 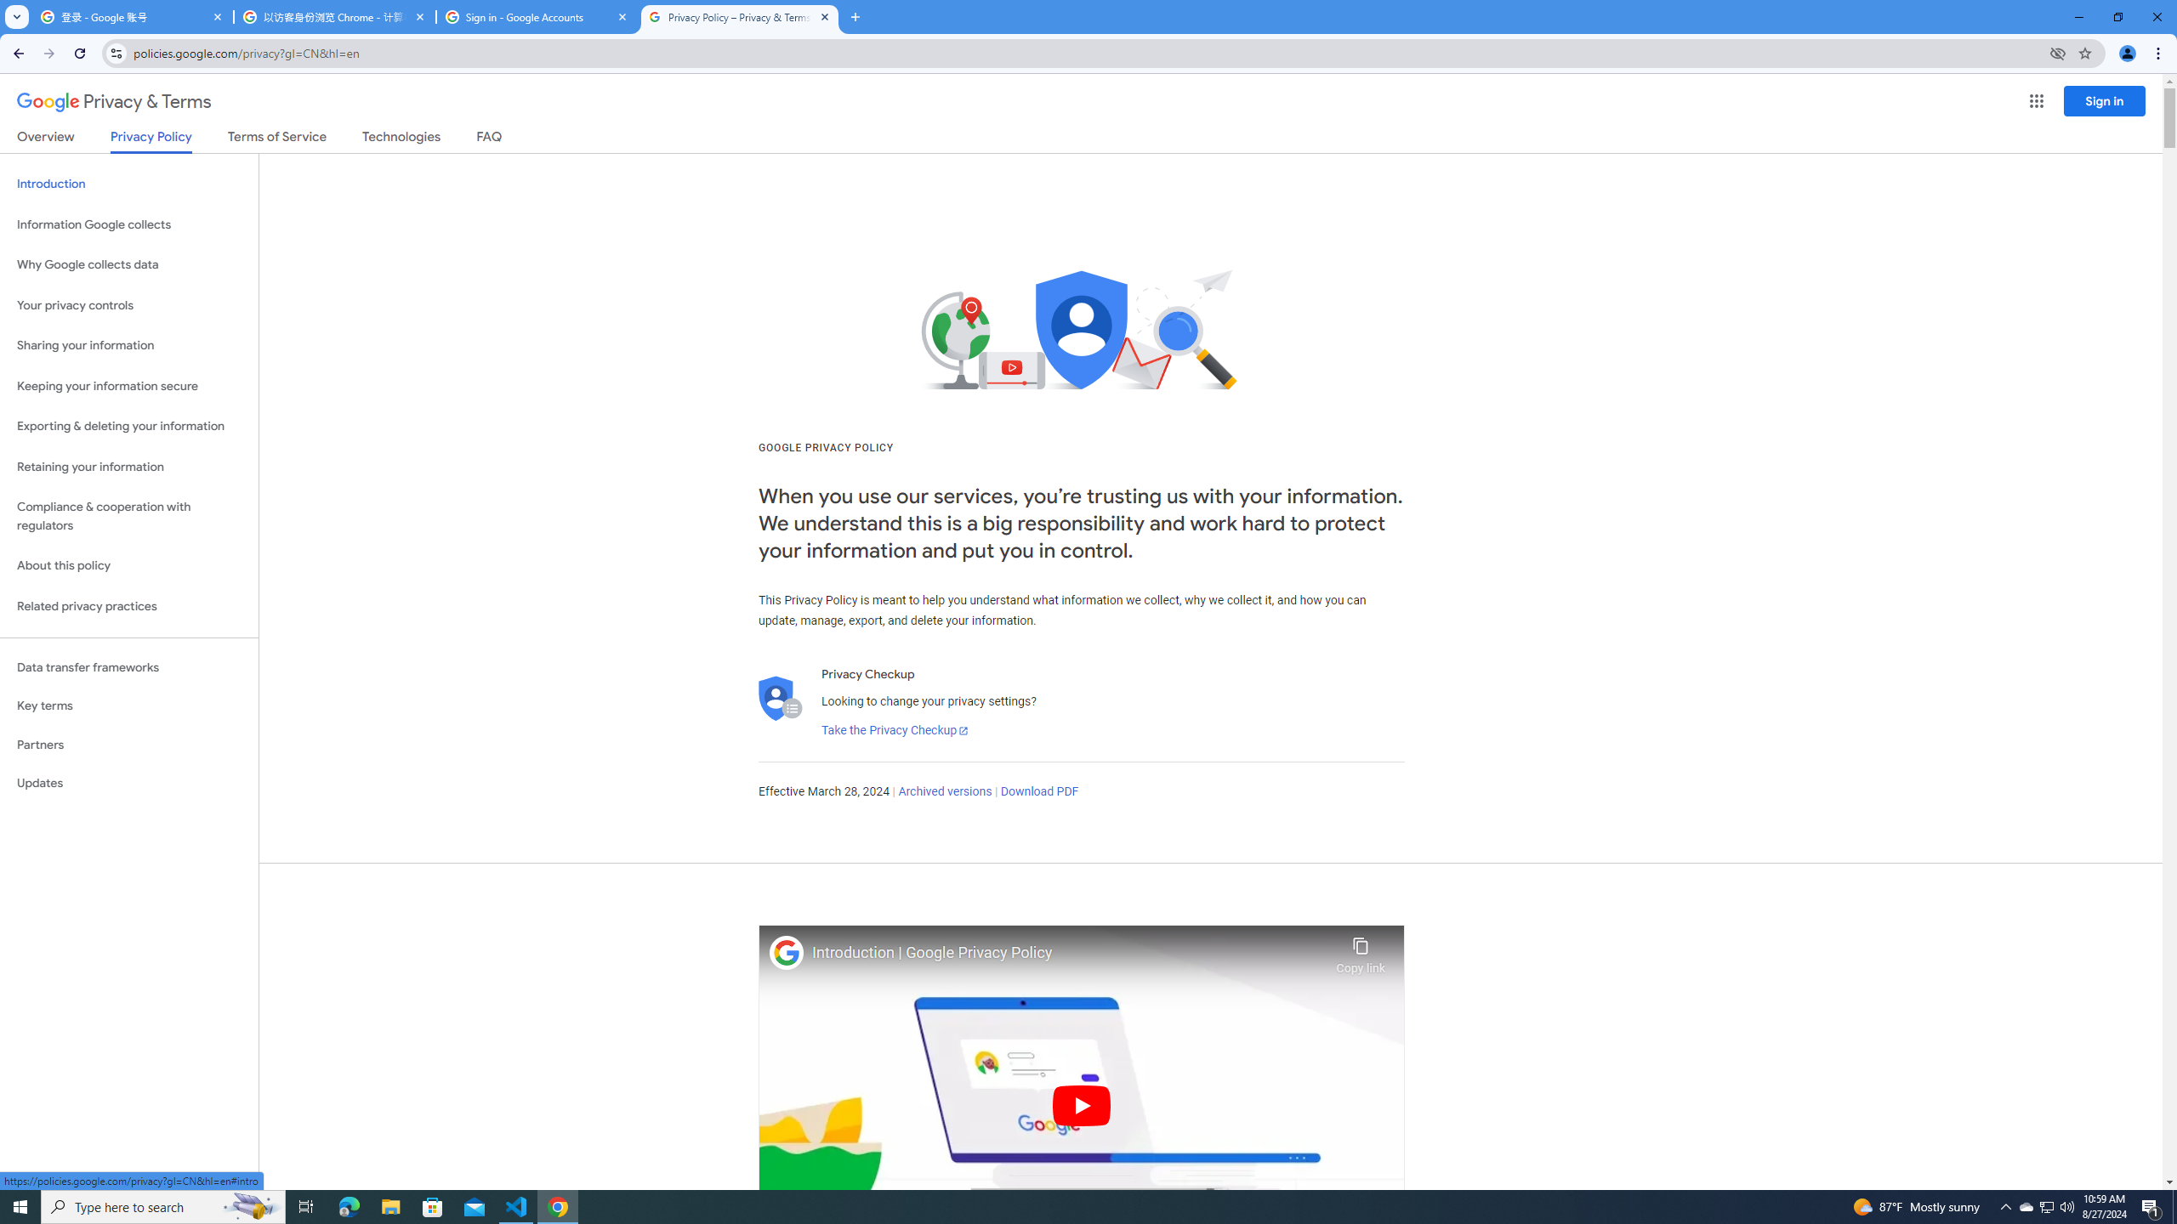 I want to click on 'FAQ', so click(x=489, y=139).